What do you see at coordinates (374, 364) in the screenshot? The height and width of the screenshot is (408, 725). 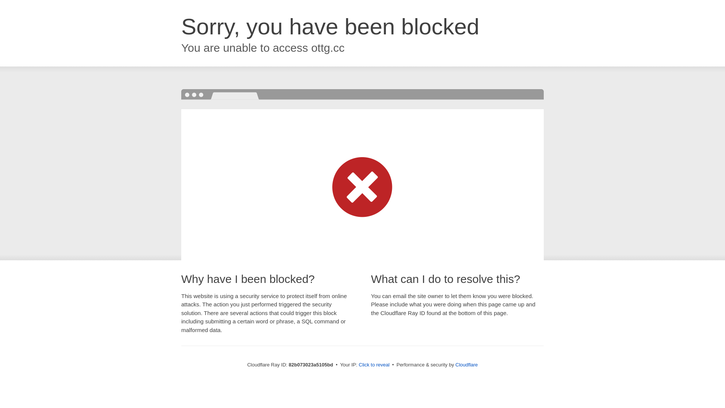 I see `'Click to reveal'` at bounding box center [374, 364].